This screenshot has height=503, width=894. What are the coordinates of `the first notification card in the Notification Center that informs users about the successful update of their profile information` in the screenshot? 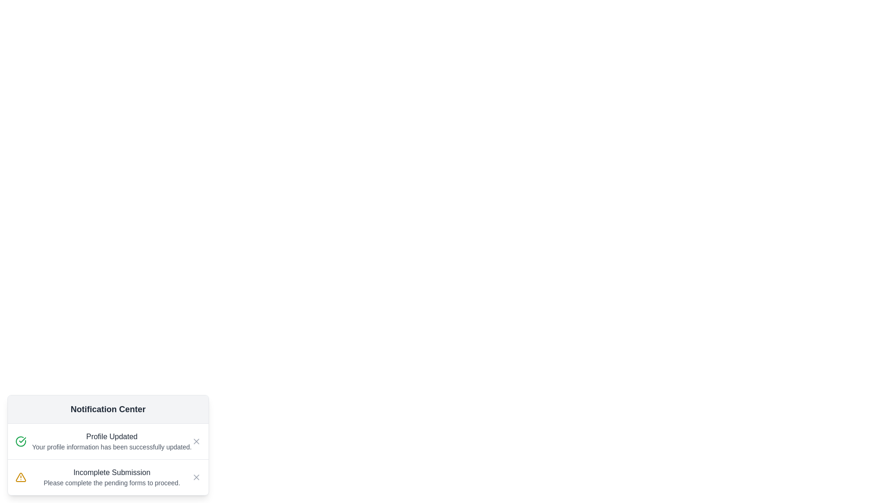 It's located at (108, 441).